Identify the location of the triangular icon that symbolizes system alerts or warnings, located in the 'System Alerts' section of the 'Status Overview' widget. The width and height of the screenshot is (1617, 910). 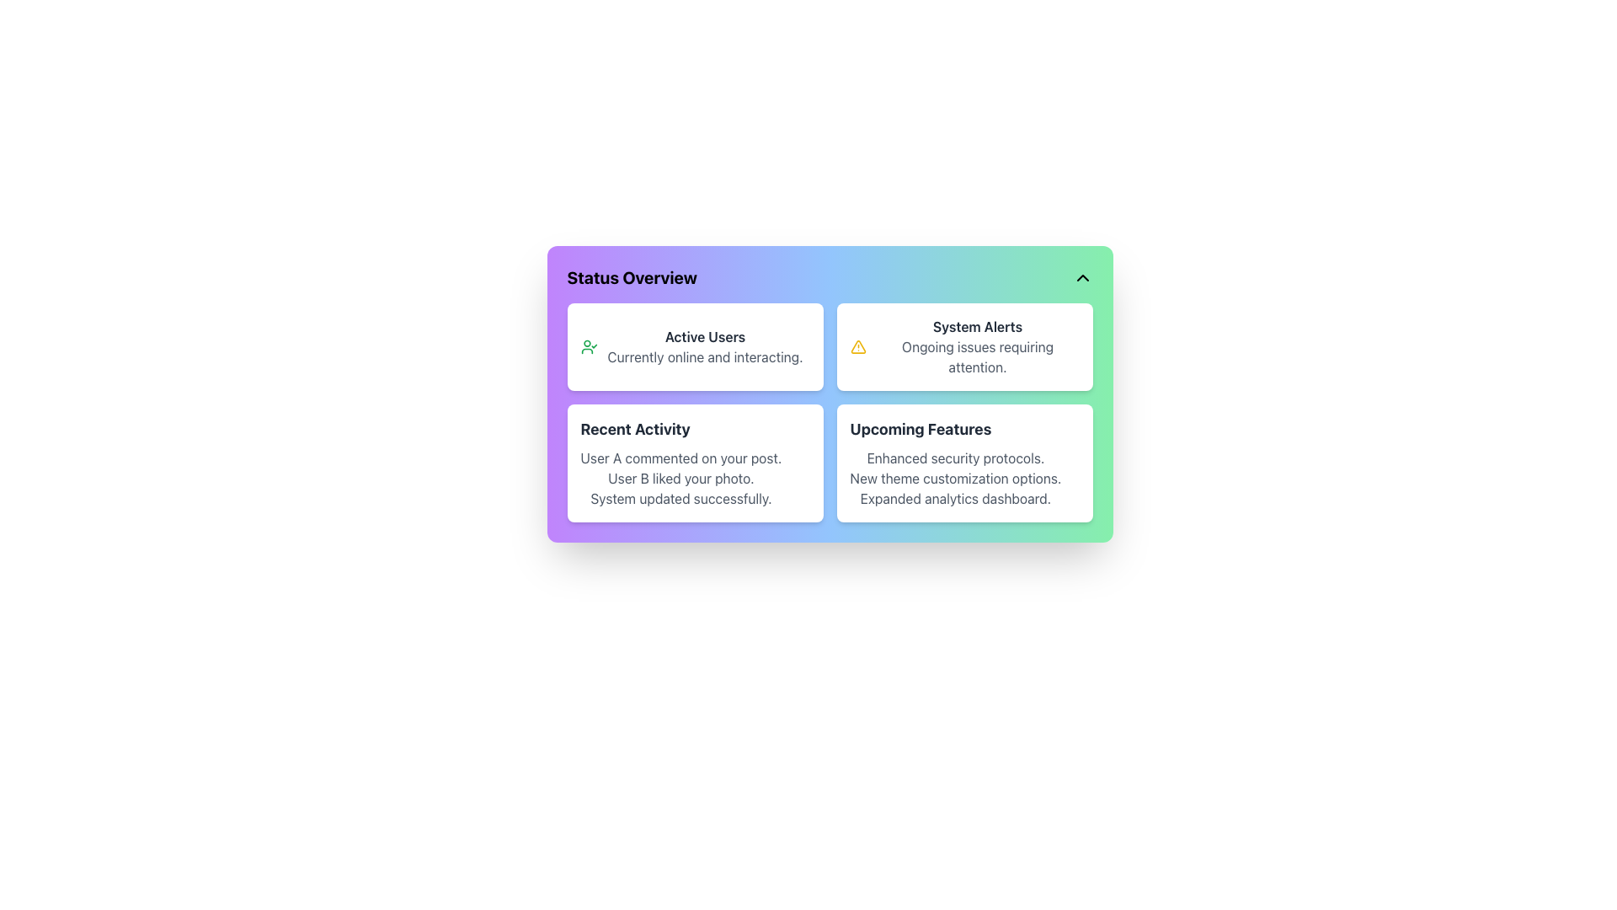
(857, 346).